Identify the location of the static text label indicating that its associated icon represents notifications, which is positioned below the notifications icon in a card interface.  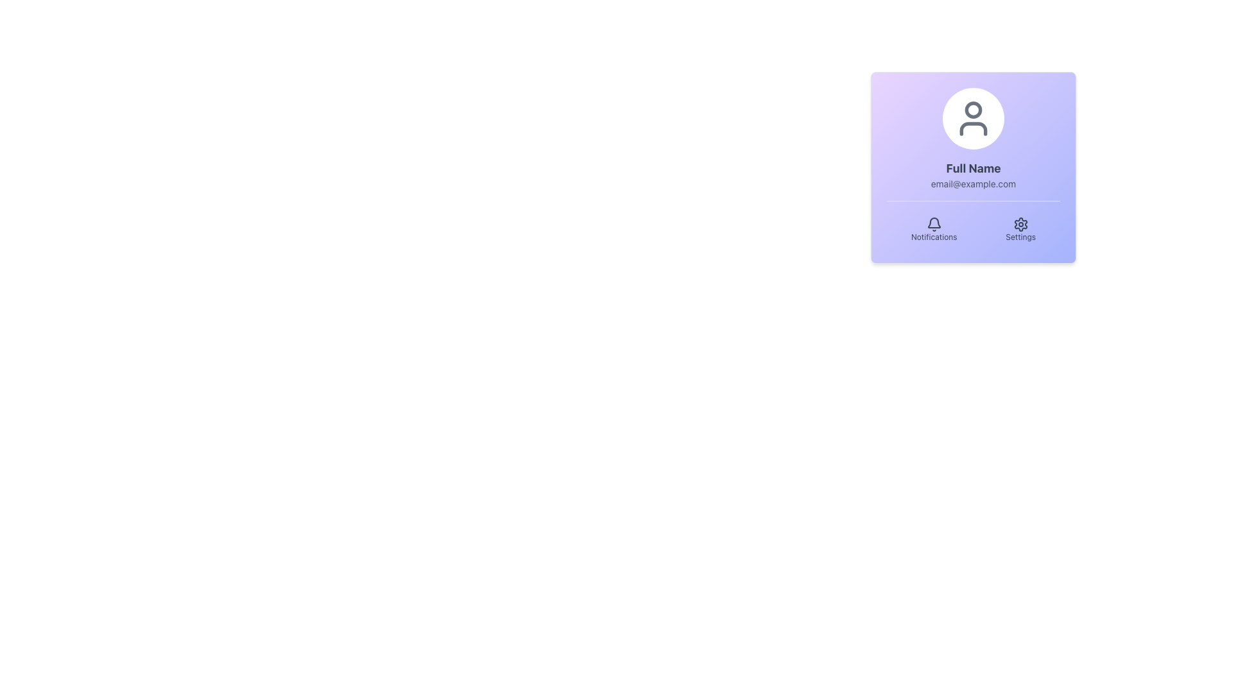
(934, 237).